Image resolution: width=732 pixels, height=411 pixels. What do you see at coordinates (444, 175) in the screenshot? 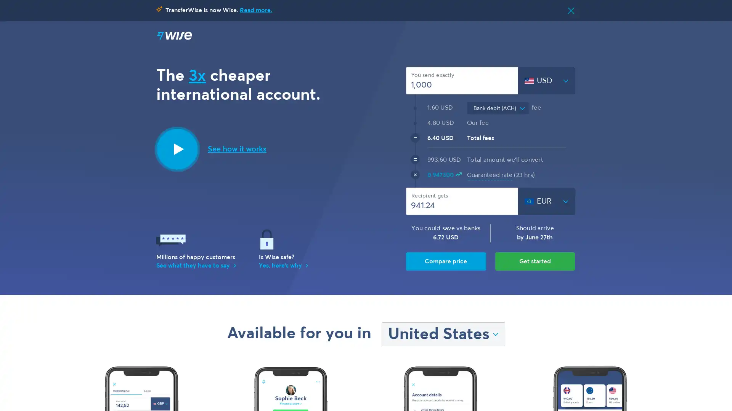
I see `0.947300` at bounding box center [444, 175].